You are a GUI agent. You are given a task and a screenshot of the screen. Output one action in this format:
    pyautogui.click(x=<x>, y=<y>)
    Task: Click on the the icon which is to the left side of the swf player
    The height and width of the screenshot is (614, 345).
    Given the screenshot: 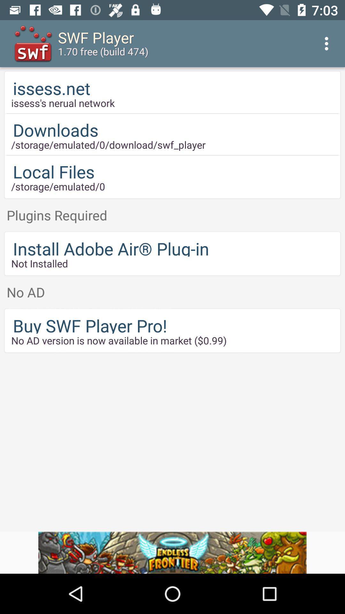 What is the action you would take?
    pyautogui.click(x=33, y=43)
    